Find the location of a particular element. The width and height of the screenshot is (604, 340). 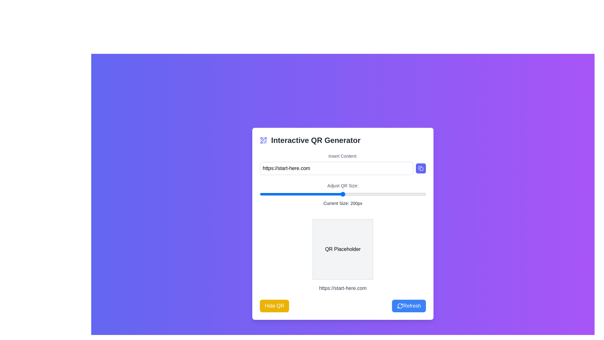

the static text label that serves as a description for the adjacent input field, located at the top of the section in the center of the visible card's interface is located at coordinates (342, 156).